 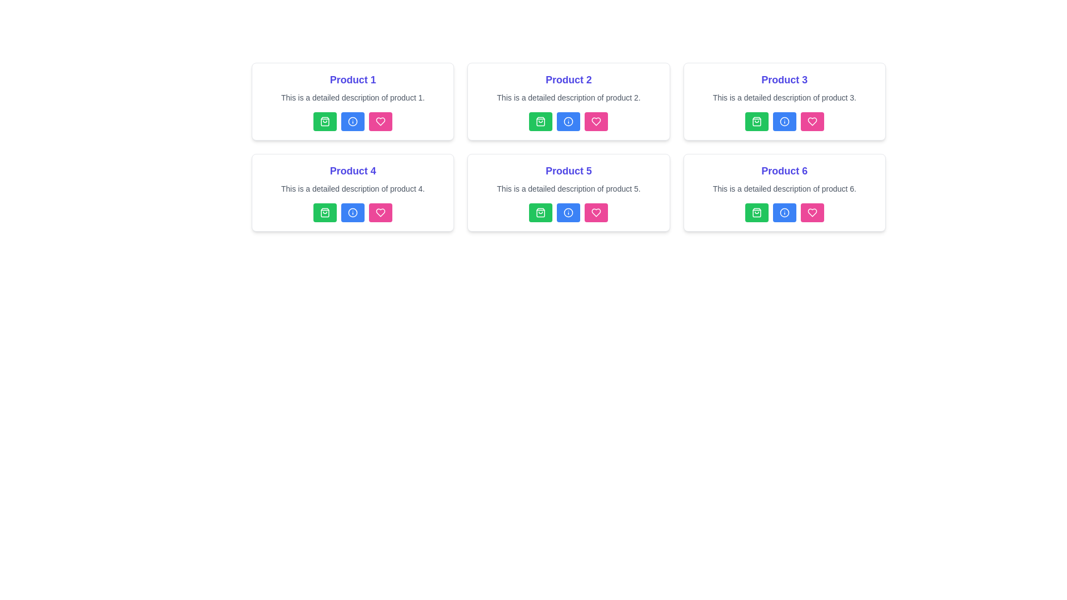 I want to click on the small pink heart icon with an outlined design at the center of the bottom section of the card for Product 5 to favorite the item, so click(x=596, y=212).